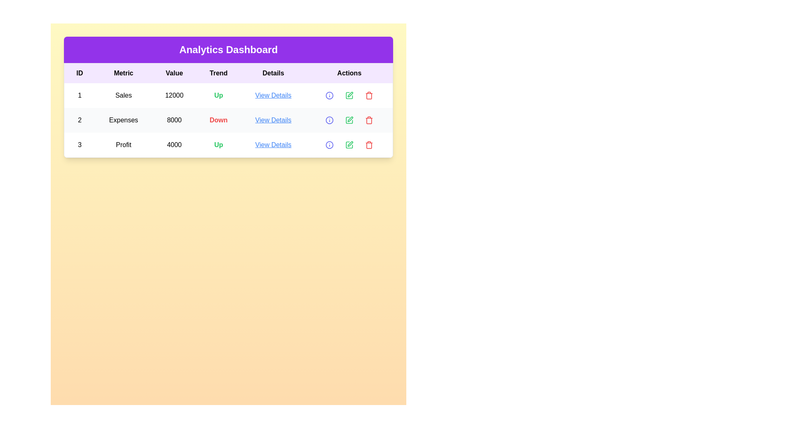 This screenshot has height=445, width=792. I want to click on the text link located in the last entry of the table under the 'Details' column corresponding to the 'Profit' row, so click(273, 144).